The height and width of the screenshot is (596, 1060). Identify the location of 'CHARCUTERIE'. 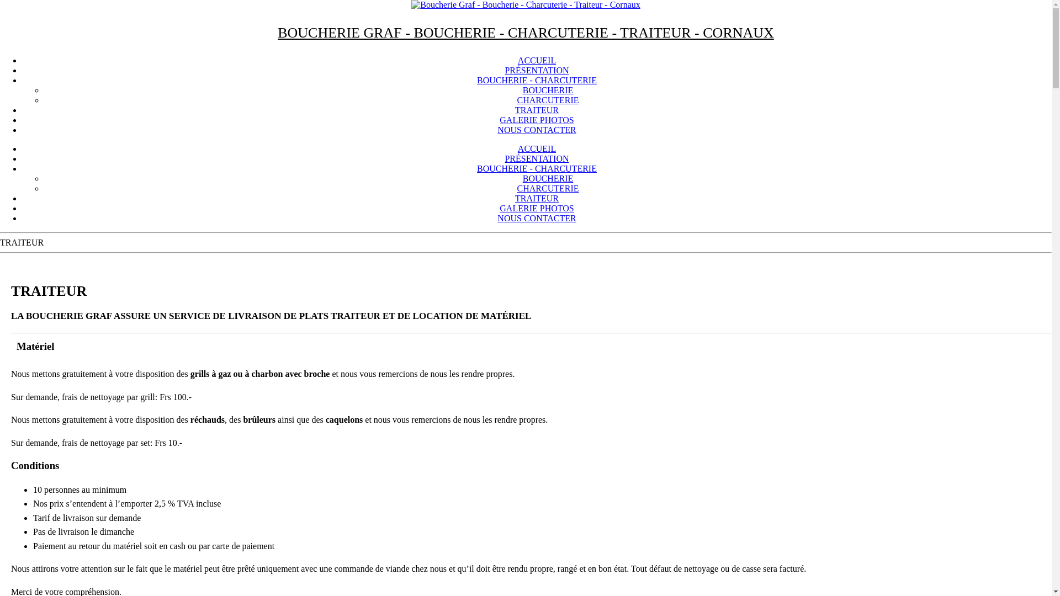
(548, 100).